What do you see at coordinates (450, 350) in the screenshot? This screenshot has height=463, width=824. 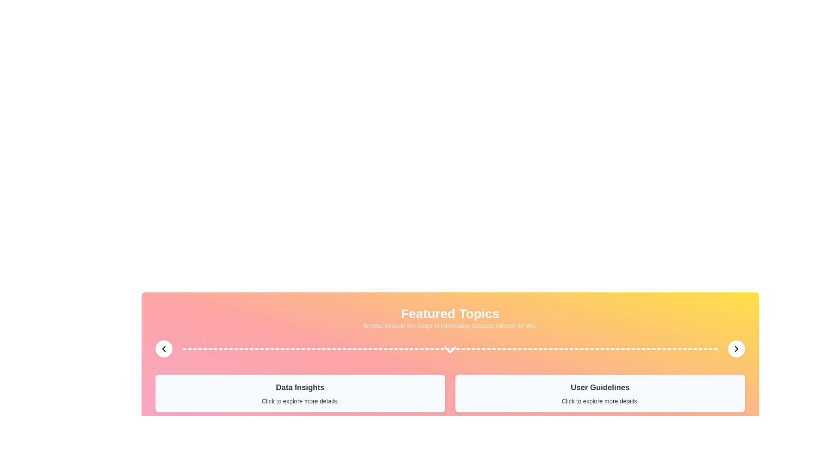 I see `the downward-pointing chevron-shaped icon within the SVG graphic, located under the 'Featured Topics' headline, centered horizontally` at bounding box center [450, 350].